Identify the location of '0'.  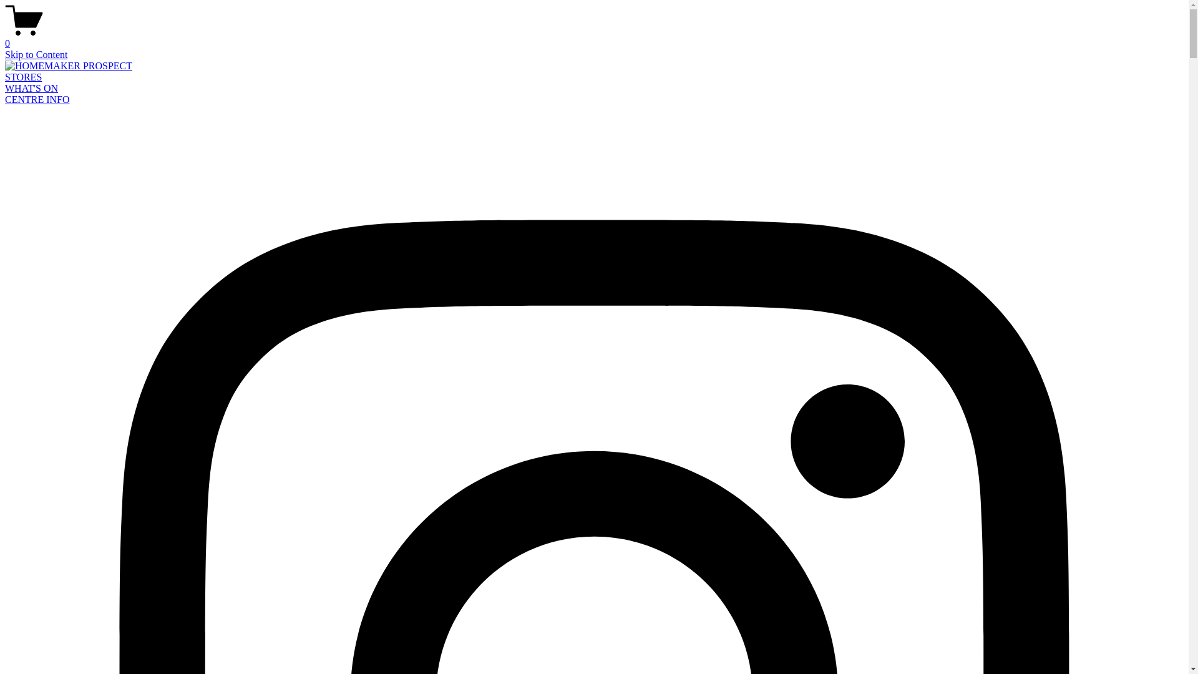
(593, 37).